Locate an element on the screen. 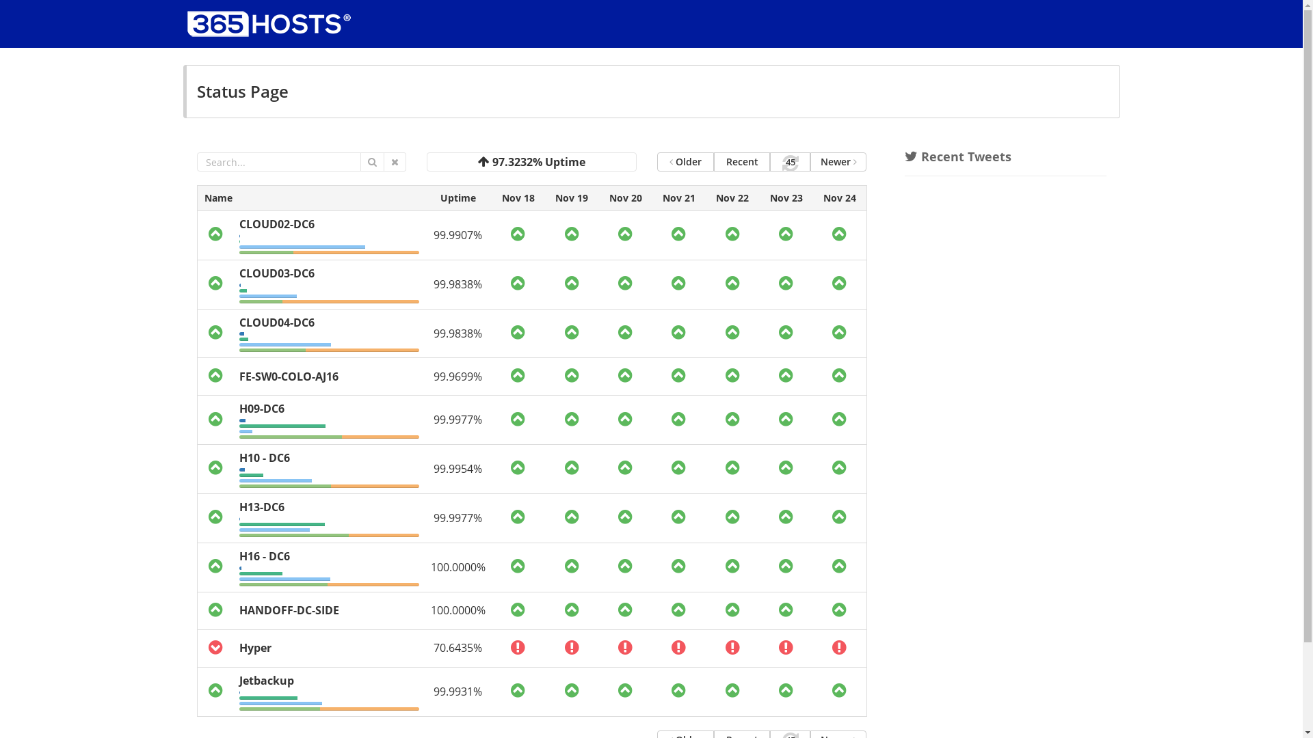 This screenshot has width=1313, height=738. '100.0000%' is located at coordinates (429, 566).